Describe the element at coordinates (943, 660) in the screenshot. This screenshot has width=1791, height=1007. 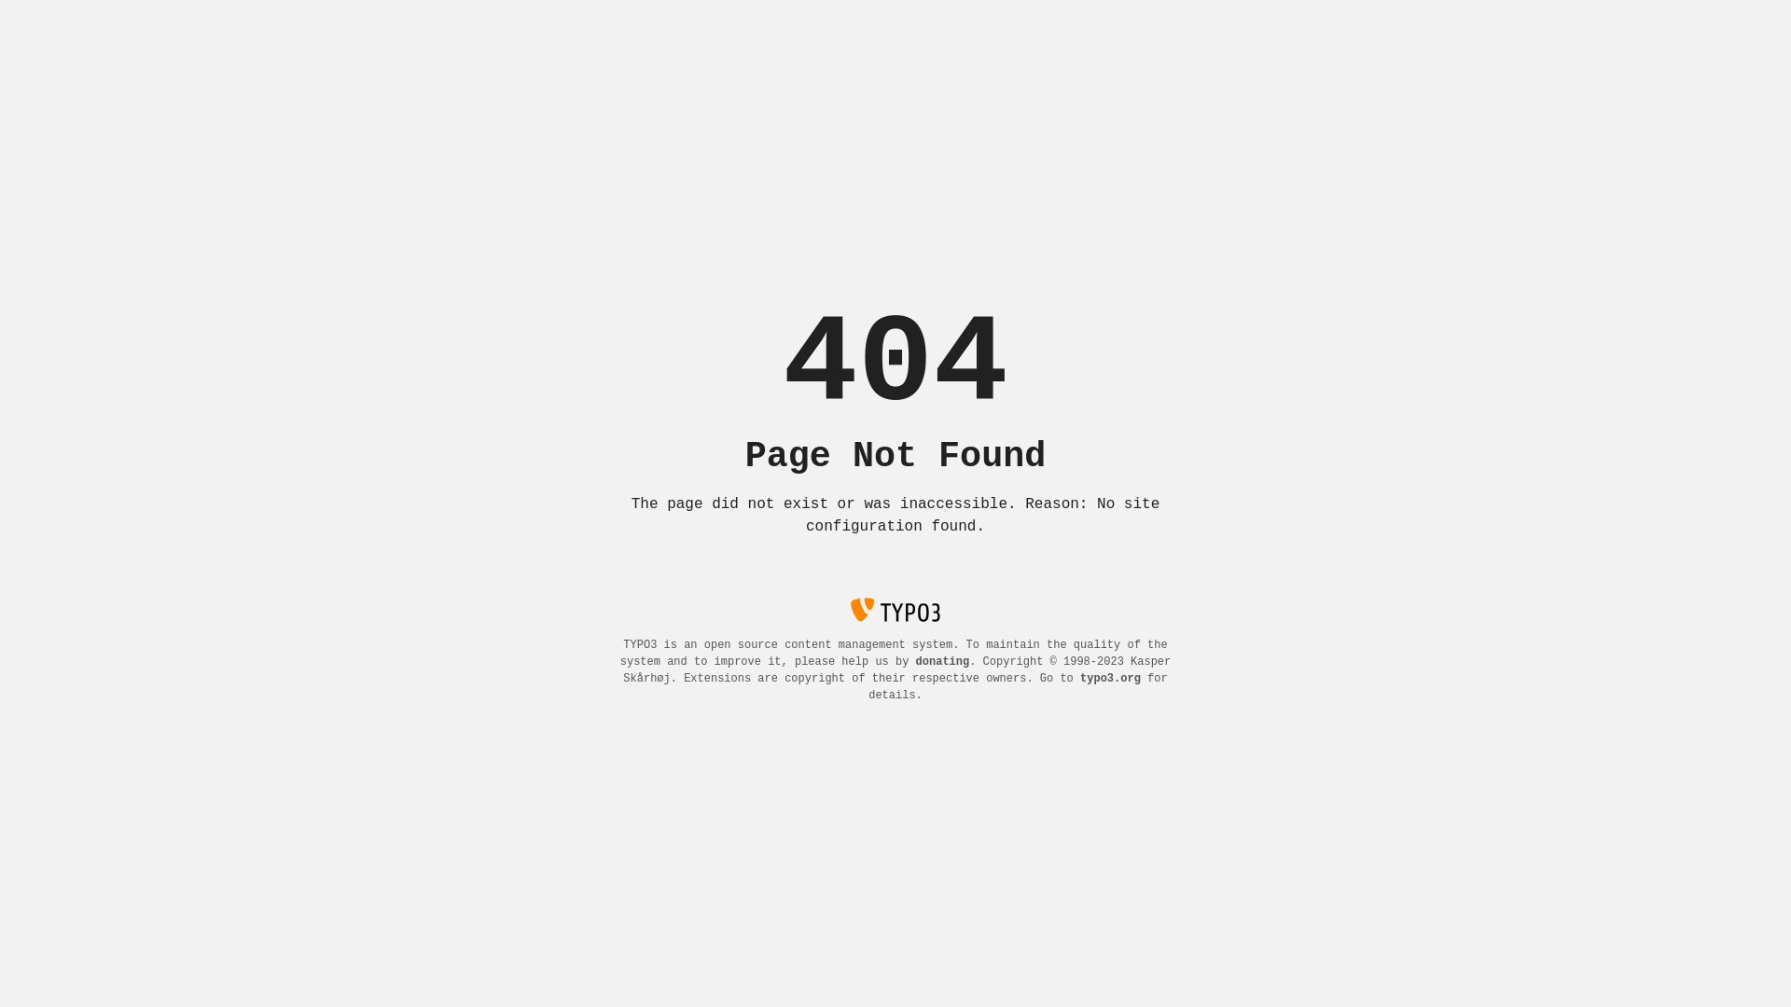
I see `'donating'` at that location.